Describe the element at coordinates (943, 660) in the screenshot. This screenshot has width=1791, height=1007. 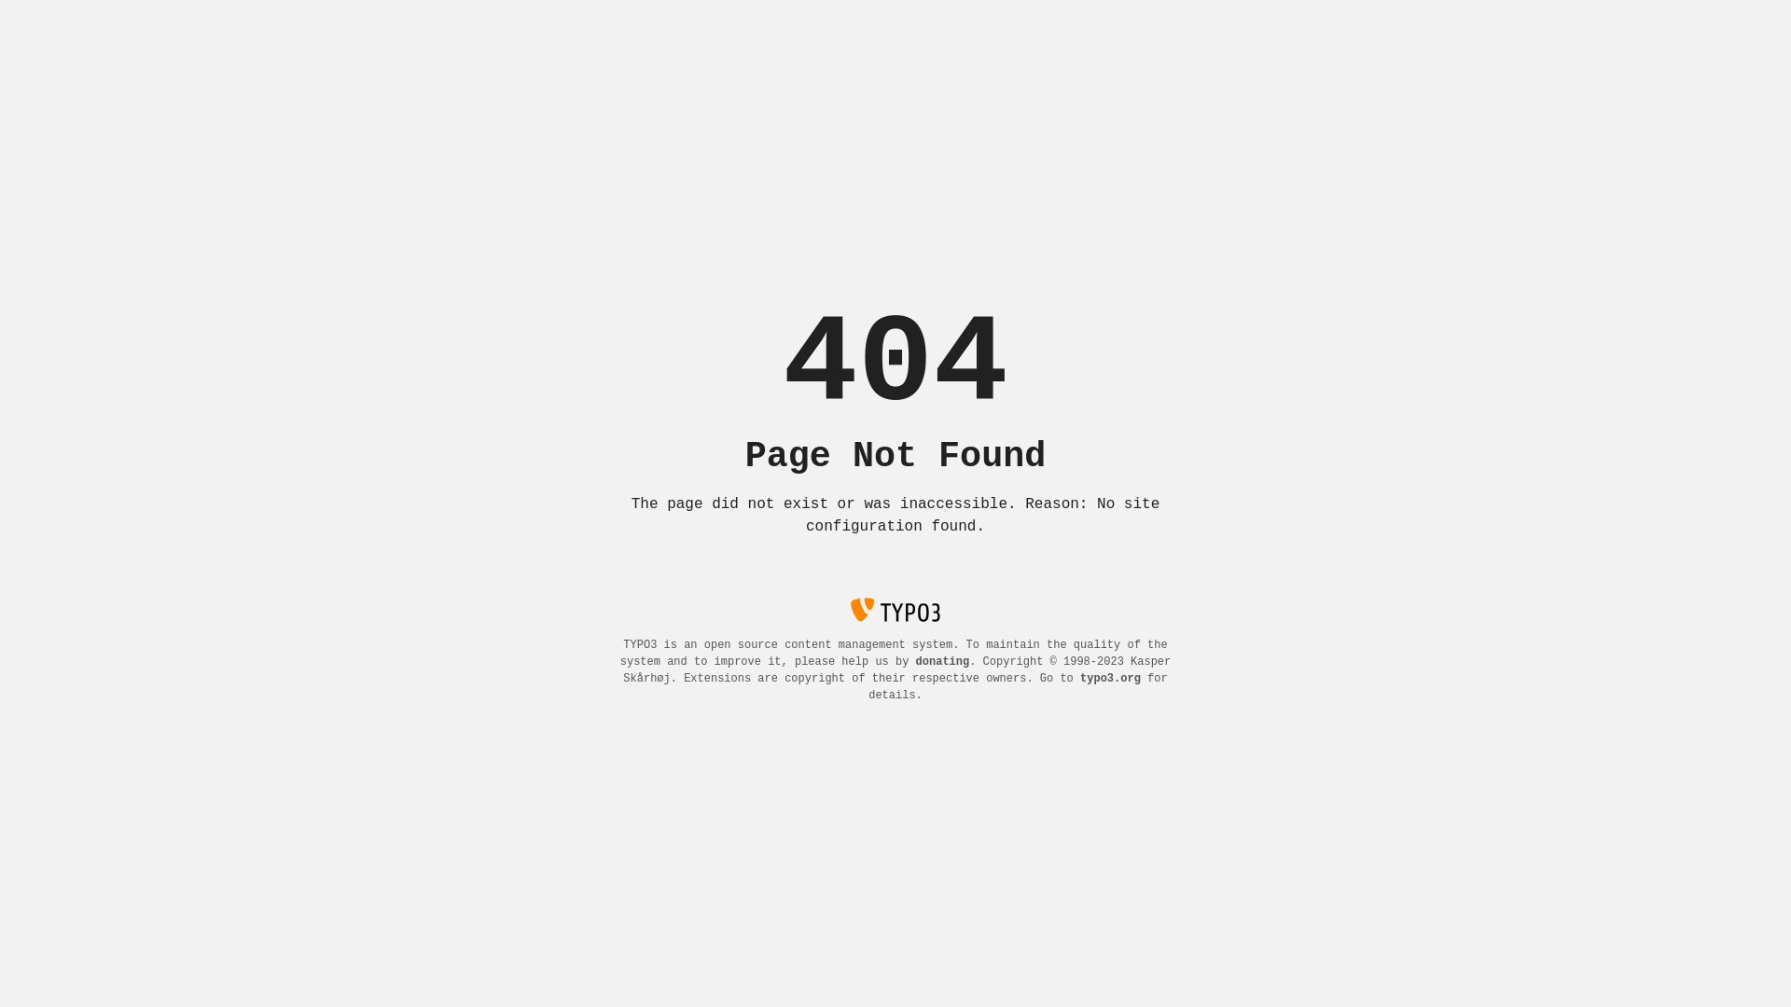
I see `'donating'` at that location.